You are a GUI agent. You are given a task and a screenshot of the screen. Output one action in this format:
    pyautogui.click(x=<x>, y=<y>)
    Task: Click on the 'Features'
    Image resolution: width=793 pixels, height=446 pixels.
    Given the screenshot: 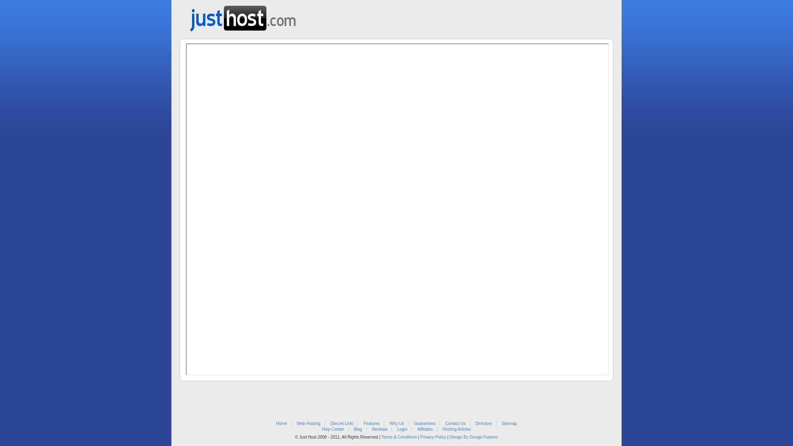 What is the action you would take?
    pyautogui.click(x=371, y=423)
    